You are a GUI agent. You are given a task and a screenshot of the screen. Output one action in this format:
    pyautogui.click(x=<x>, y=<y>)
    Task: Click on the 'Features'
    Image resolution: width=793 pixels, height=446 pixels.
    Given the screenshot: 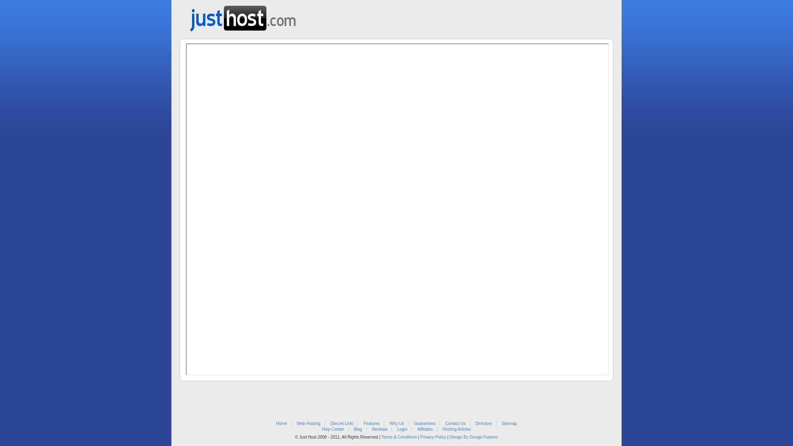 What is the action you would take?
    pyautogui.click(x=371, y=423)
    